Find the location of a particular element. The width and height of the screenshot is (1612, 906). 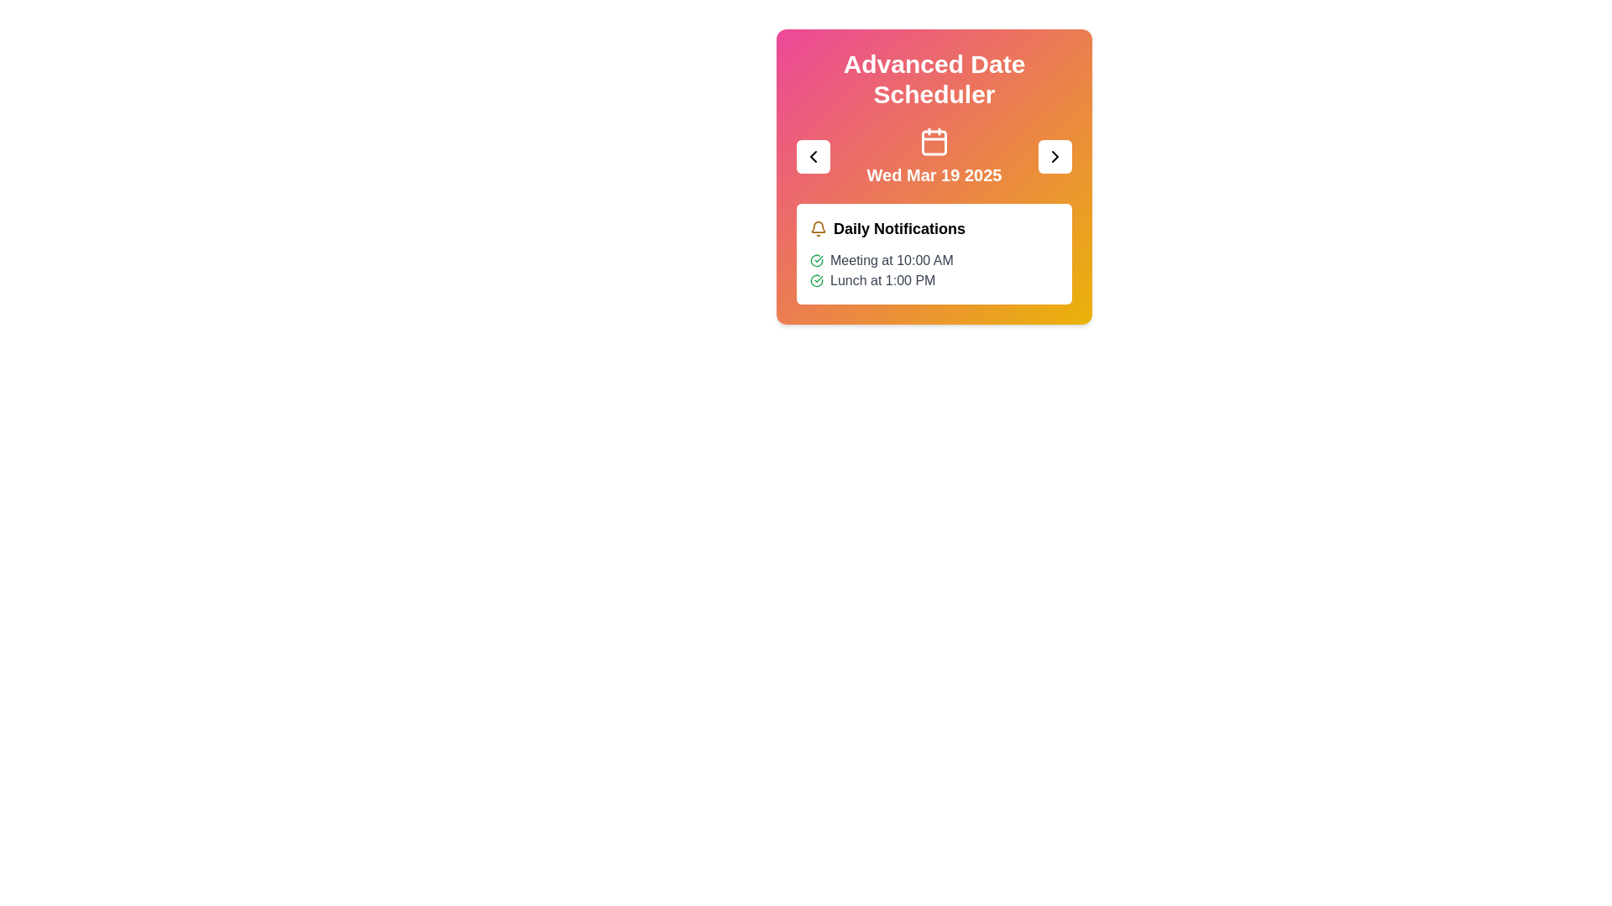

the text label displaying 'Lunch at 1:00 PM' in the 'Daily Notifications' section, which is styled in dark gray on a white background and positioned beneath 'Meeting at 10:00 AM' is located at coordinates (882, 280).